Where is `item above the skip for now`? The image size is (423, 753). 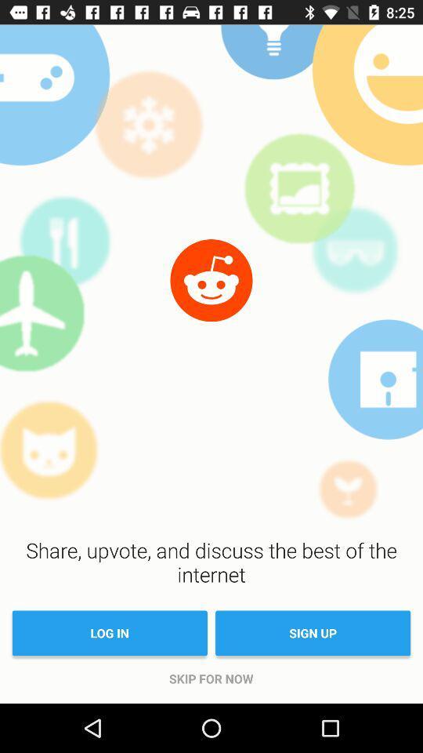
item above the skip for now is located at coordinates (109, 633).